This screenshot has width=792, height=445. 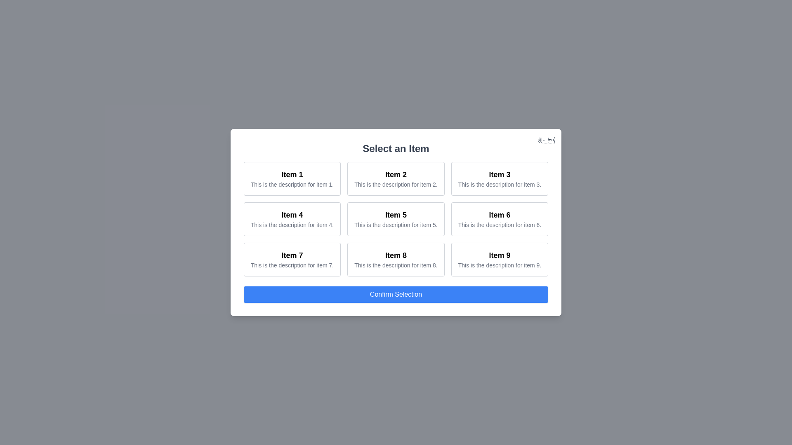 I want to click on the close button in the top-right corner of the dialog, so click(x=546, y=140).